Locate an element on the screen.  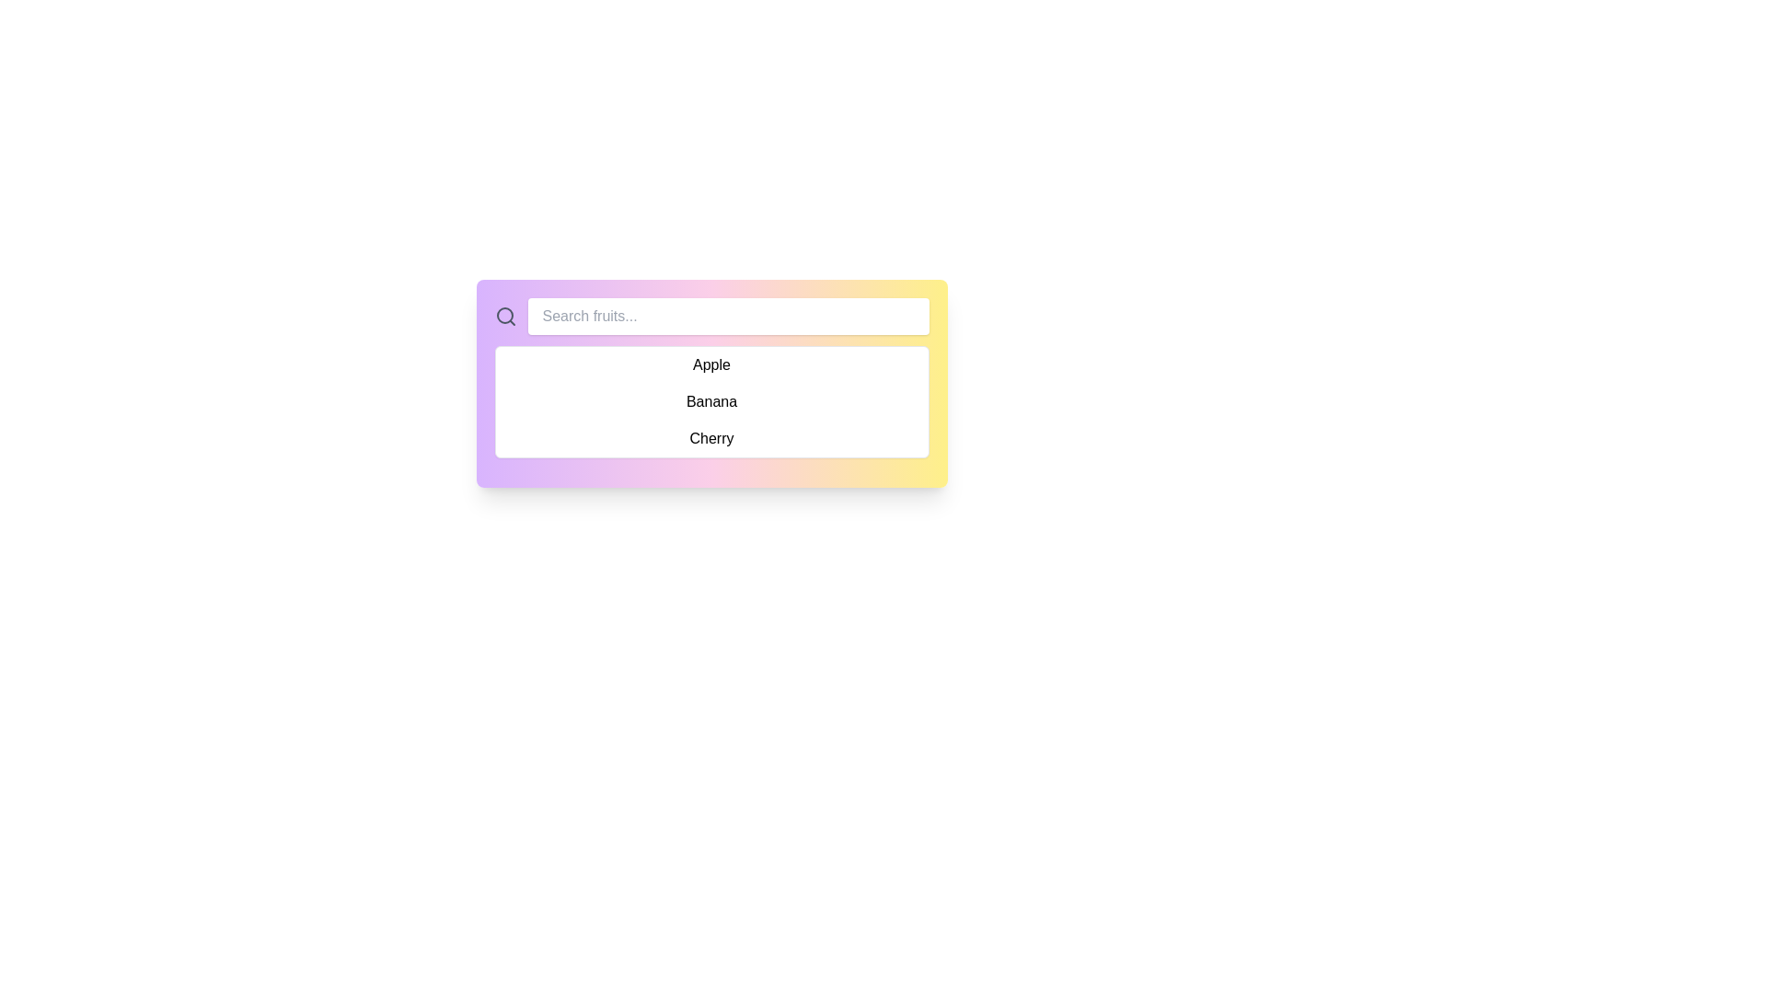
the 'Cherry' option label in the dropdown menu, which is the last item in the list and displayed in black font is located at coordinates (710, 439).